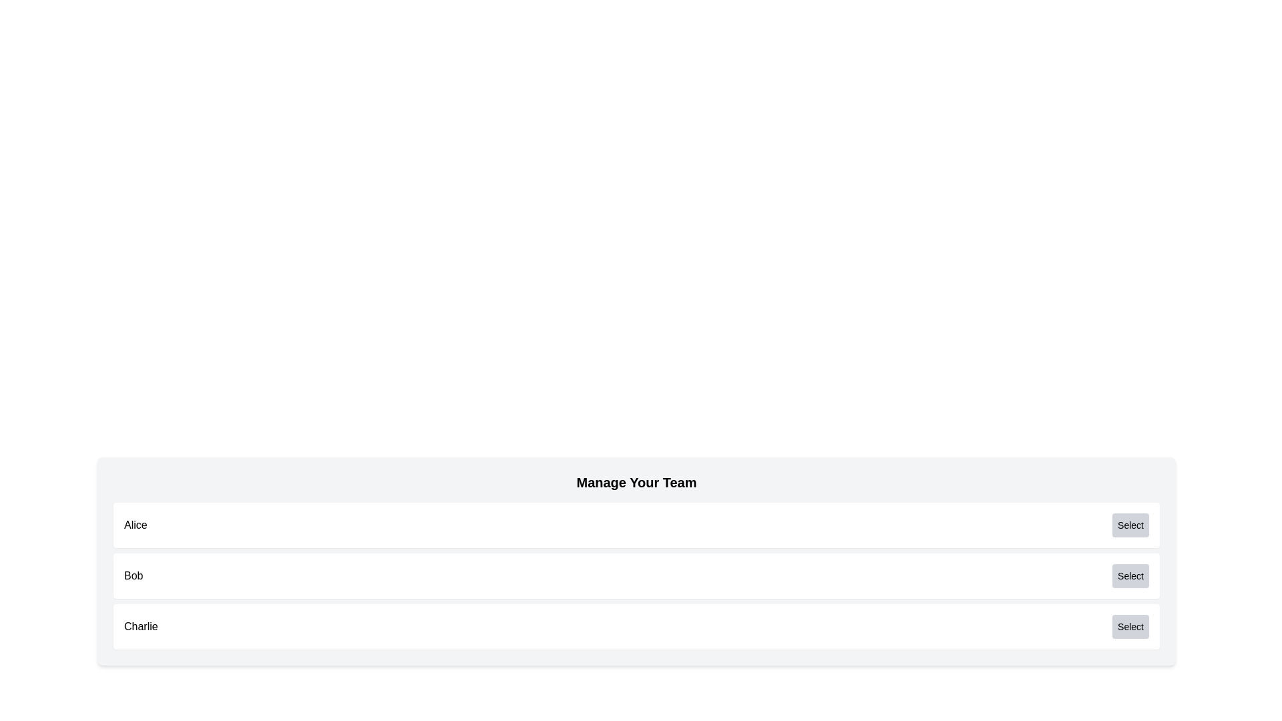 The height and width of the screenshot is (721, 1282). What do you see at coordinates (141, 626) in the screenshot?
I see `the text label displaying the name 'Charlie', which is located on the leftmost side of a card section, third in a vertical list of similar sections` at bounding box center [141, 626].